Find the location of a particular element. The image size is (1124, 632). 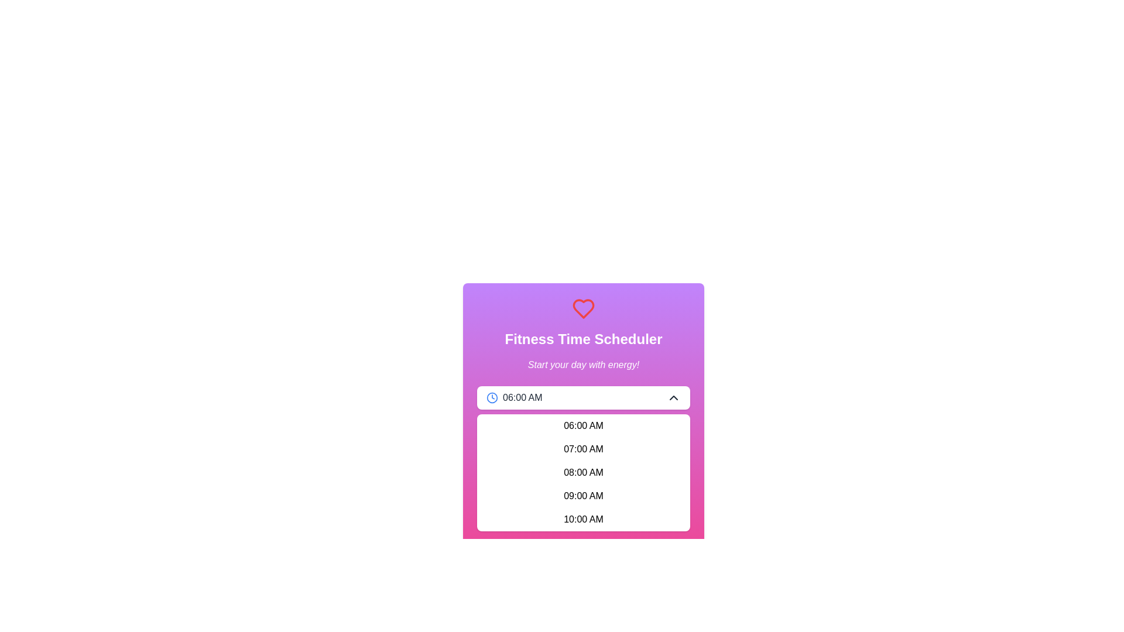

the second item in the dropdown menu is located at coordinates (584, 448).